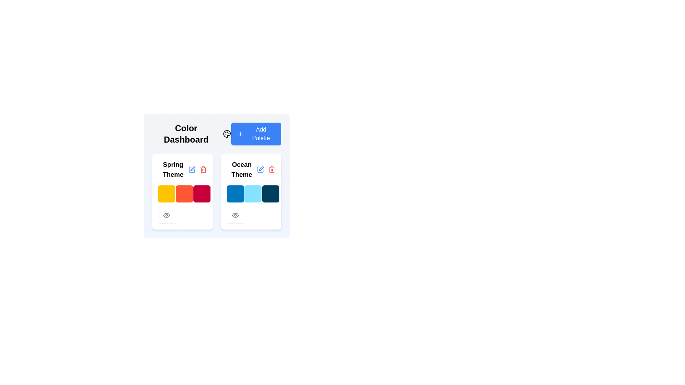 Image resolution: width=685 pixels, height=385 pixels. What do you see at coordinates (227, 134) in the screenshot?
I see `the SVG icon resembling a painter's palette, which has a circular shape with small circular cutouts and is located next to the 'Color Dashboard' text` at bounding box center [227, 134].